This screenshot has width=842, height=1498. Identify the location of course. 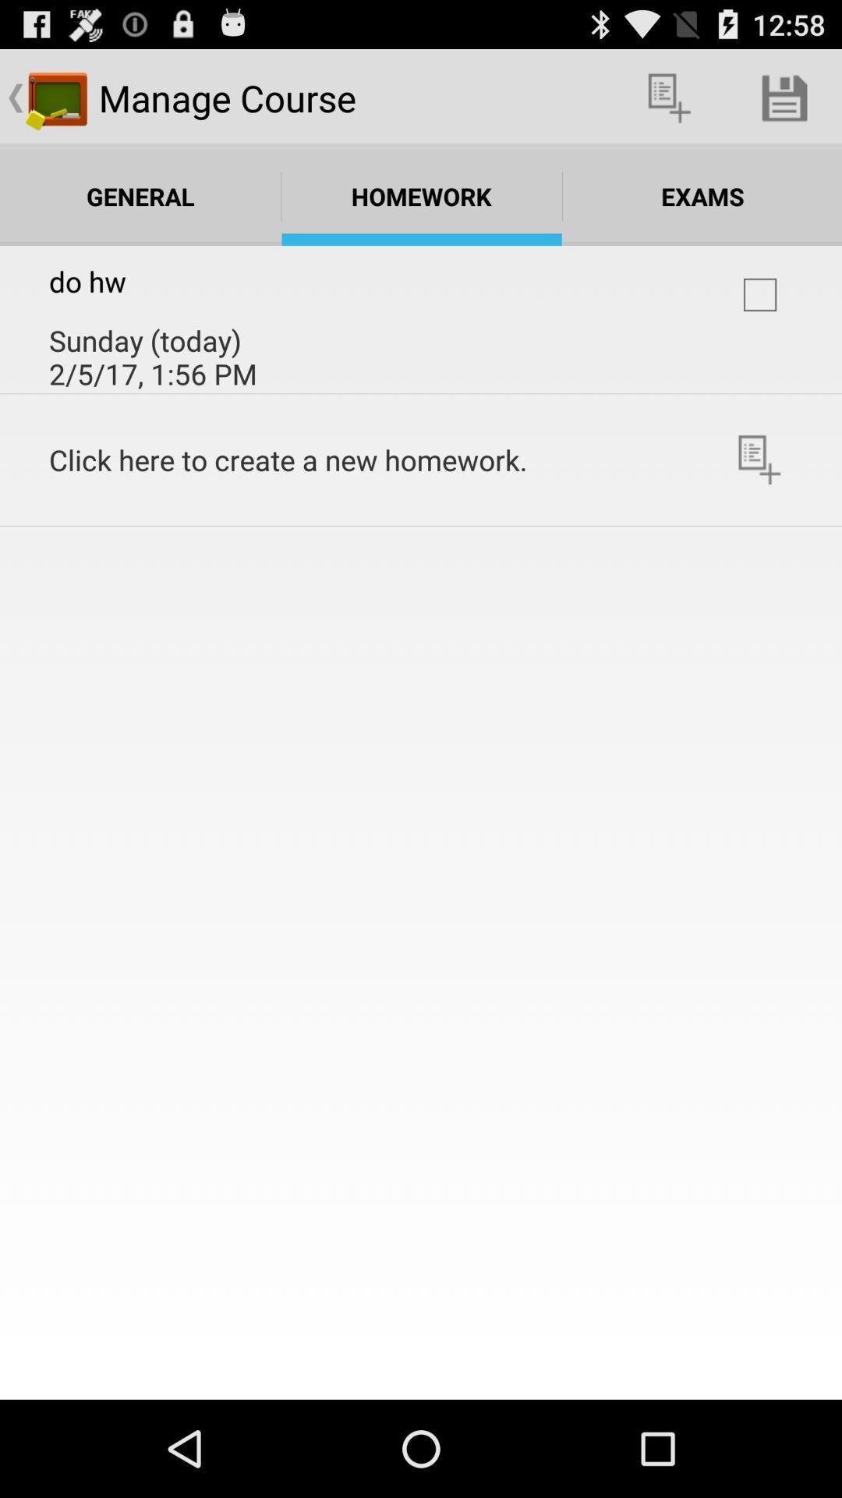
(759, 295).